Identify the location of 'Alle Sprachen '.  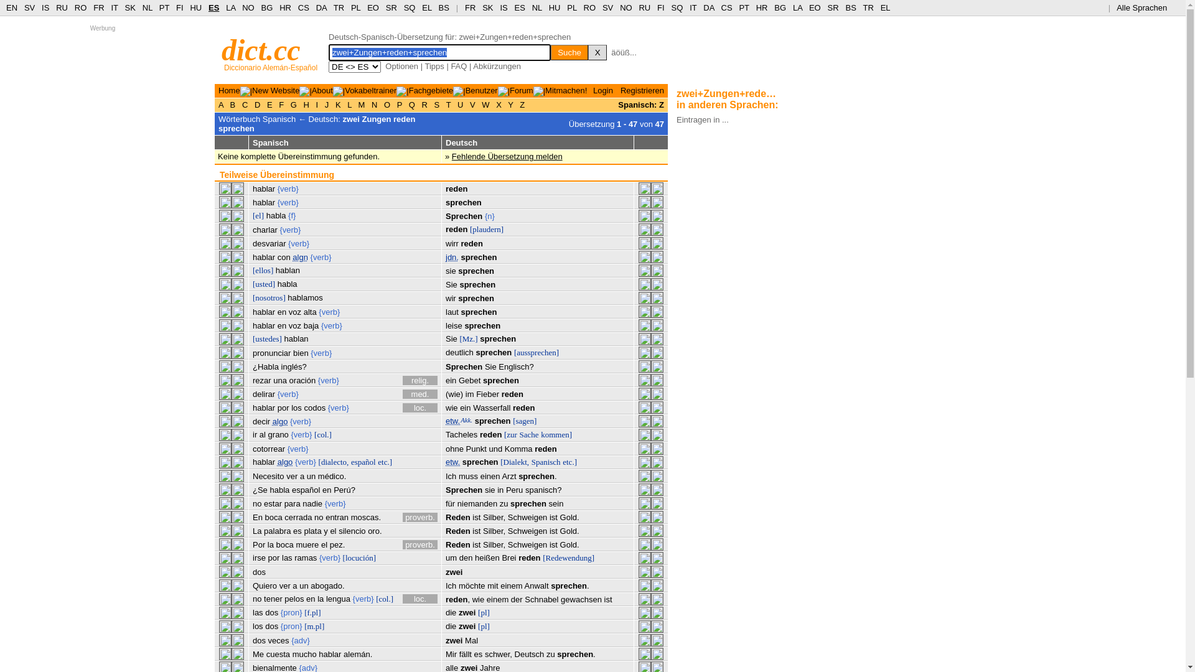
(1117, 7).